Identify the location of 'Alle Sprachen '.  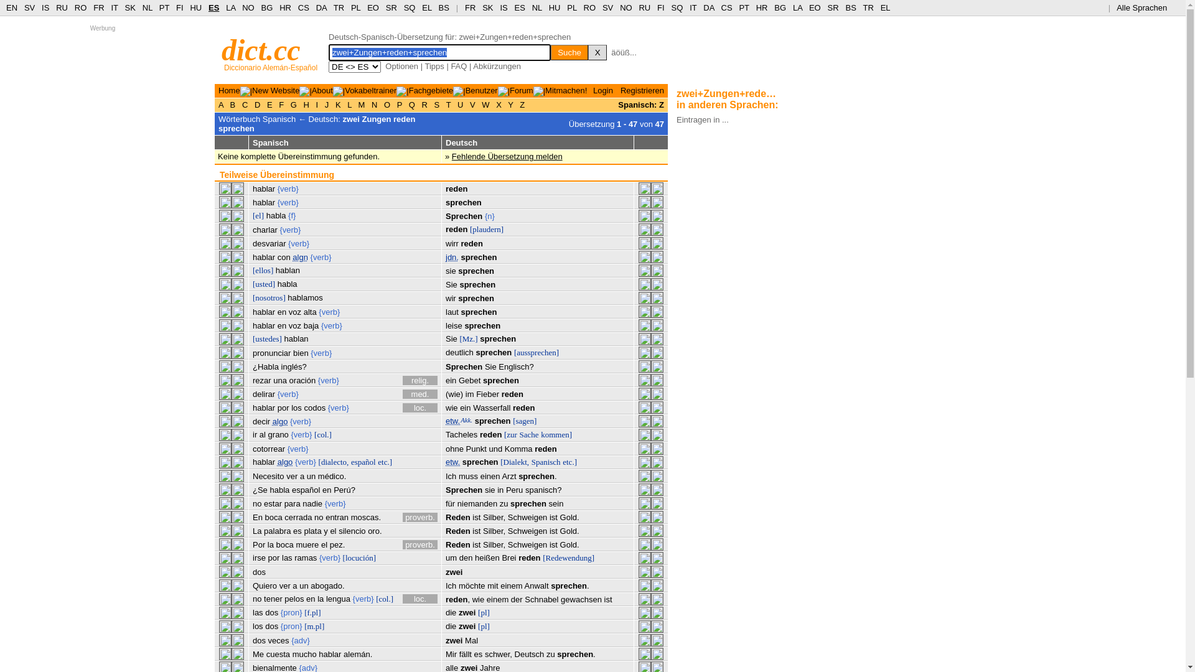
(1117, 7).